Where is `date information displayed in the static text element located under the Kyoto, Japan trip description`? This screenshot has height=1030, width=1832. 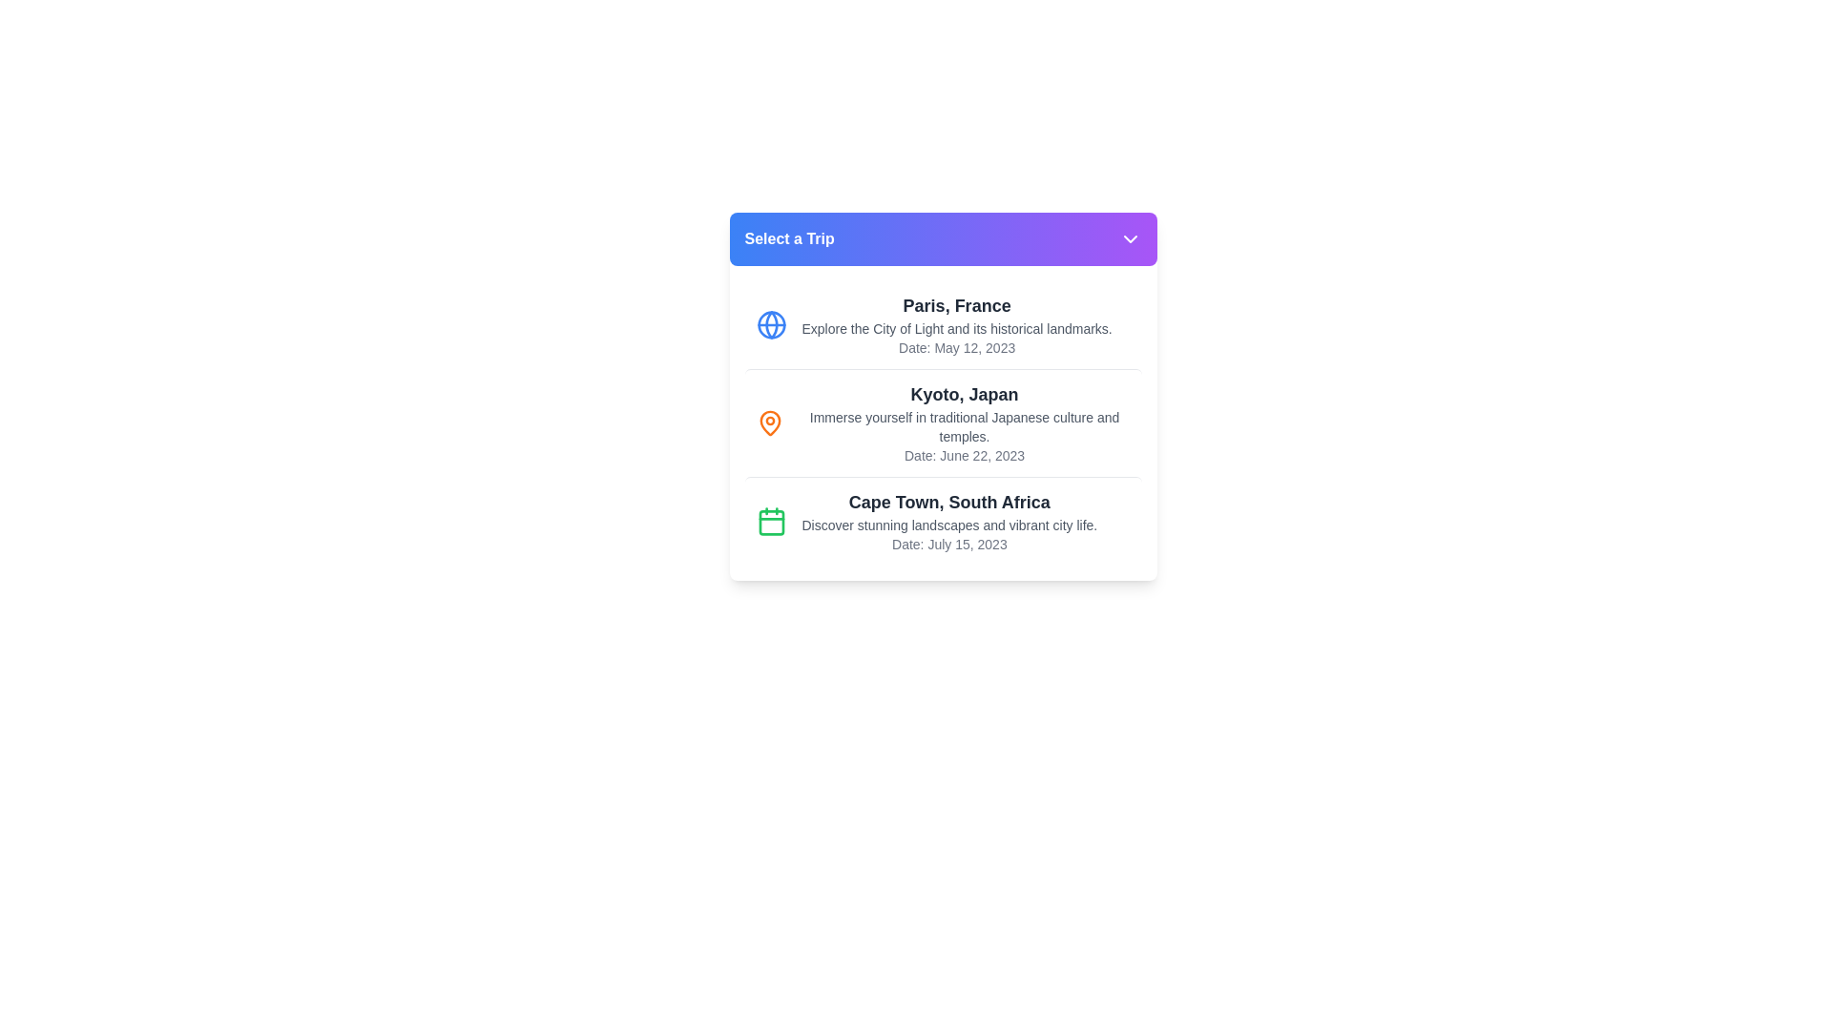 date information displayed in the static text element located under the Kyoto, Japan trip description is located at coordinates (965, 456).